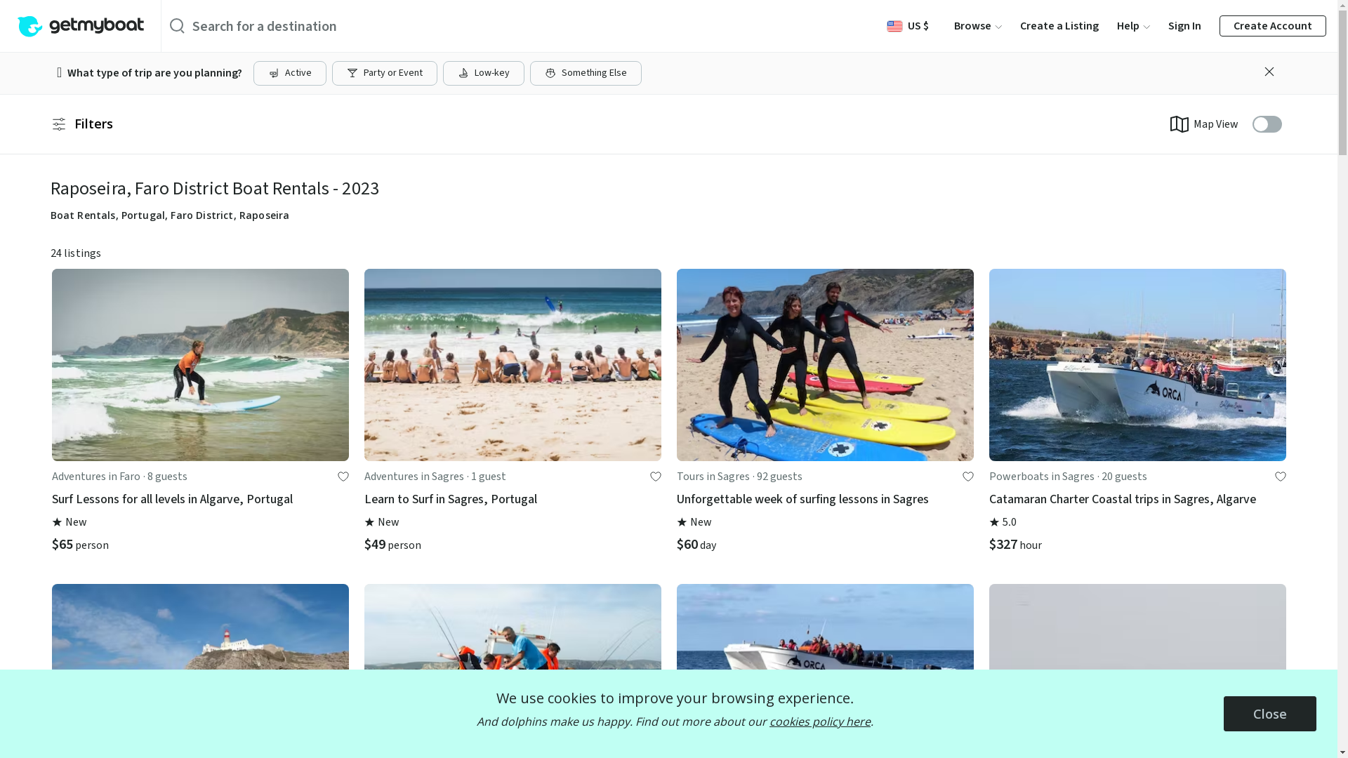  What do you see at coordinates (819, 722) in the screenshot?
I see `'cookies policy here'` at bounding box center [819, 722].